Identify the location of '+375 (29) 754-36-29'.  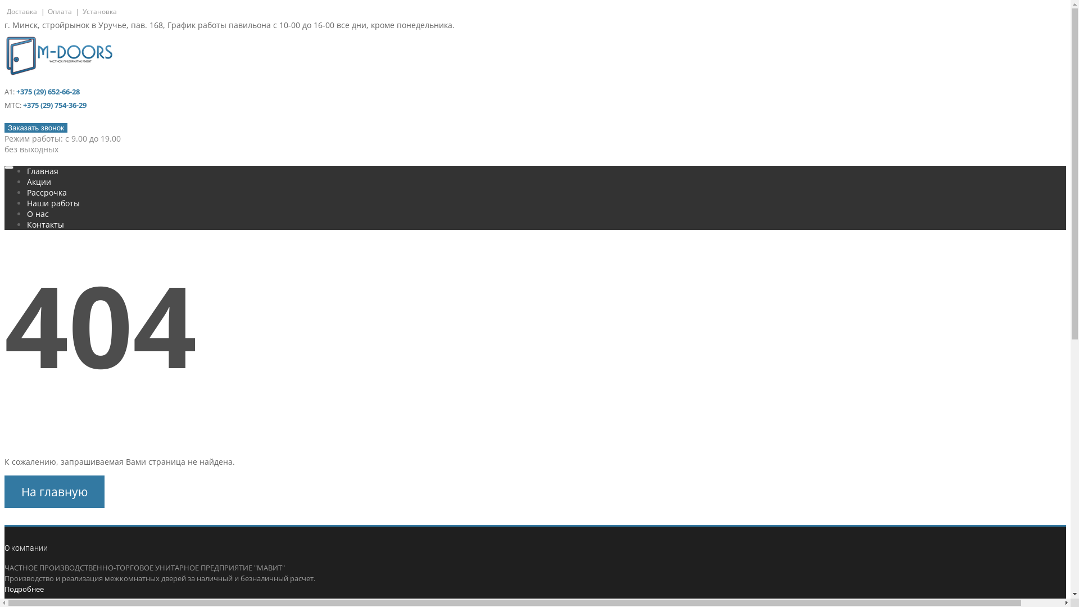
(54, 105).